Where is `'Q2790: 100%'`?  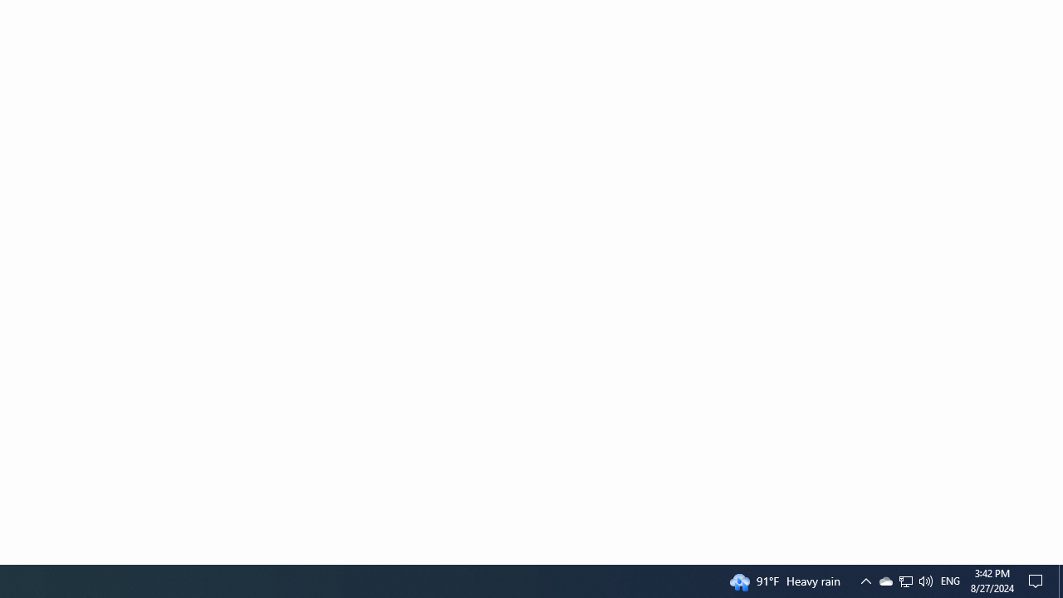
'Q2790: 100%' is located at coordinates (904, 580).